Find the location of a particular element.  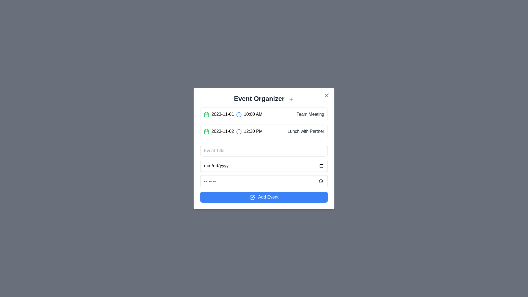

the SVG Circle that represents the boundary of the clock symbol in the 'Event Organizer' interface, located next to the time text '10:00 AM' is located at coordinates (239, 114).